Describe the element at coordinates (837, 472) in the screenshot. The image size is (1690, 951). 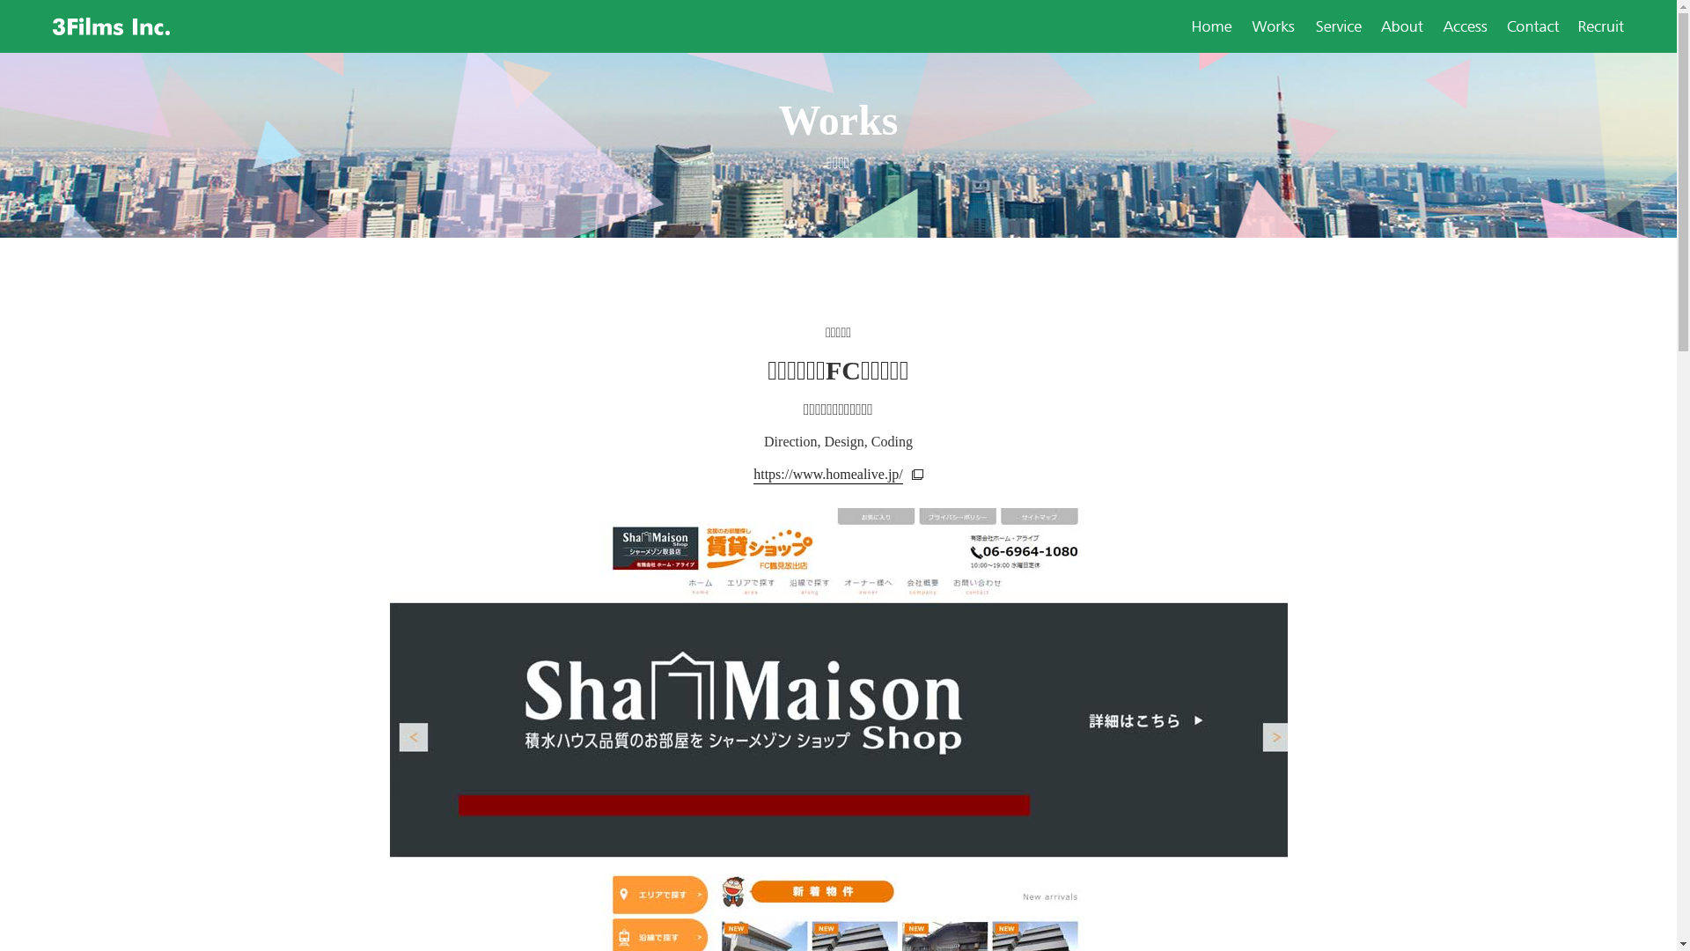
I see `'https://www.homealive.jp/'` at that location.